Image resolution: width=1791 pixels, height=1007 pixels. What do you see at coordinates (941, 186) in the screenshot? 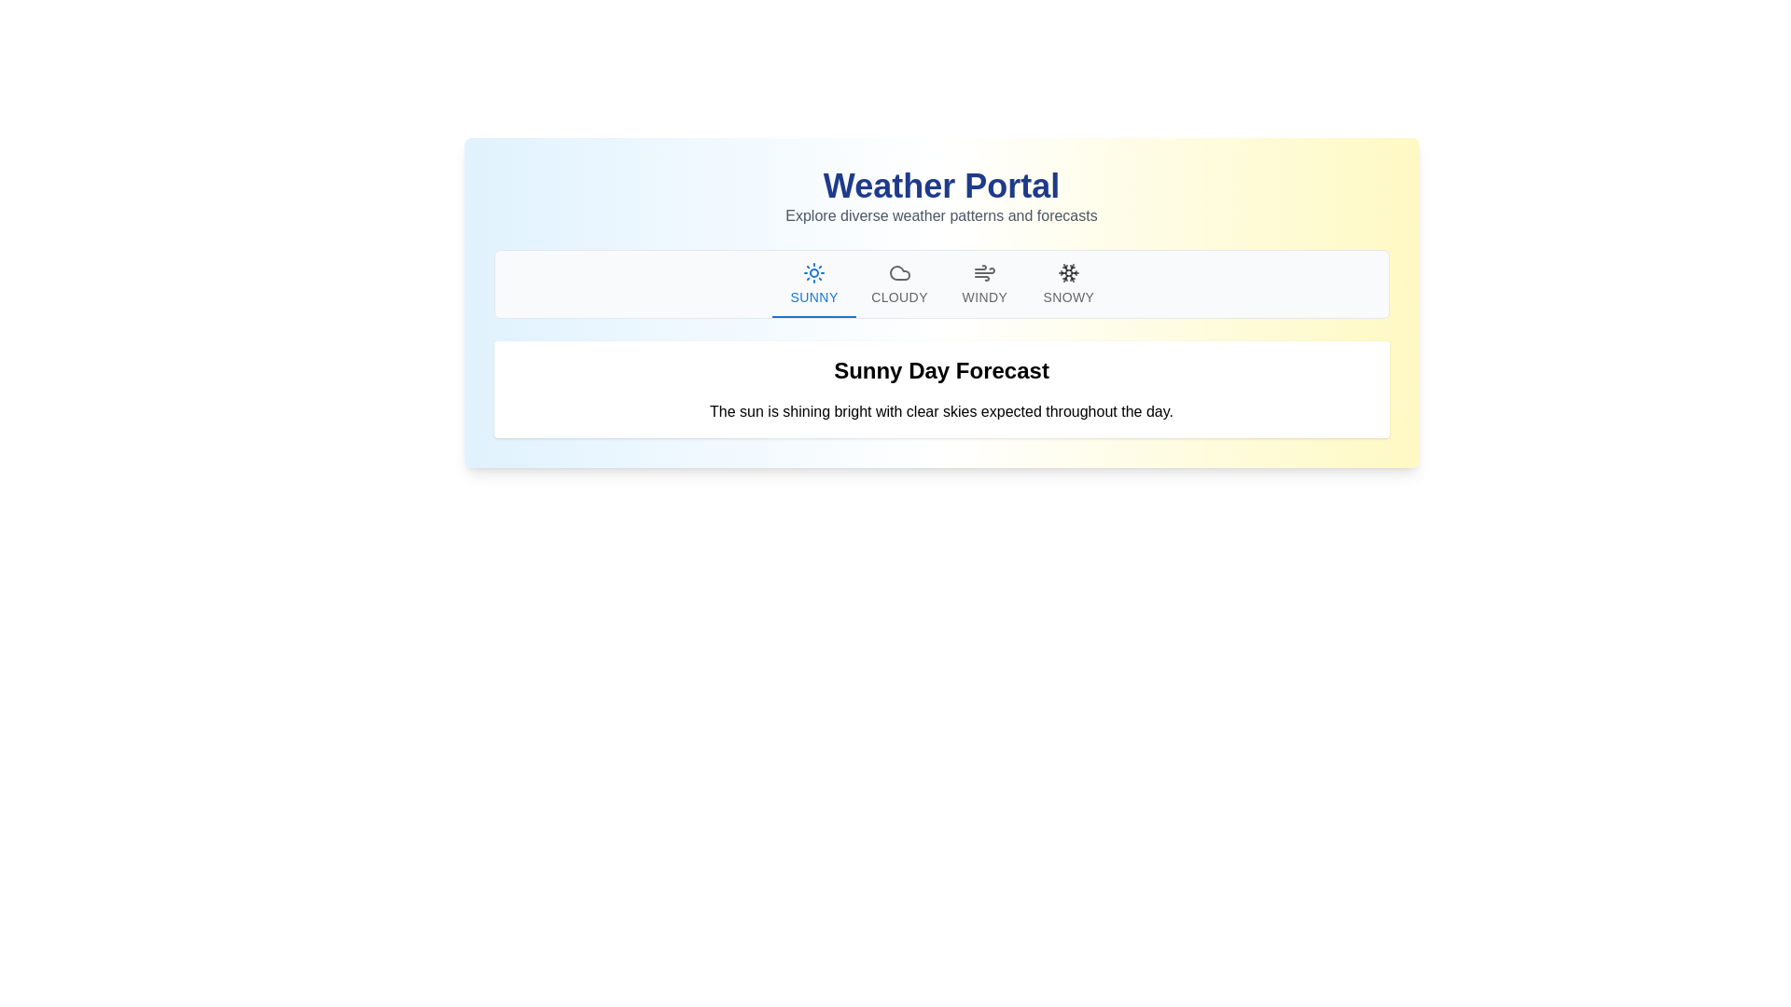
I see `the title text element that identifies the application as a weather-related portal, which is positioned at the top of the page above the subtitle` at bounding box center [941, 186].